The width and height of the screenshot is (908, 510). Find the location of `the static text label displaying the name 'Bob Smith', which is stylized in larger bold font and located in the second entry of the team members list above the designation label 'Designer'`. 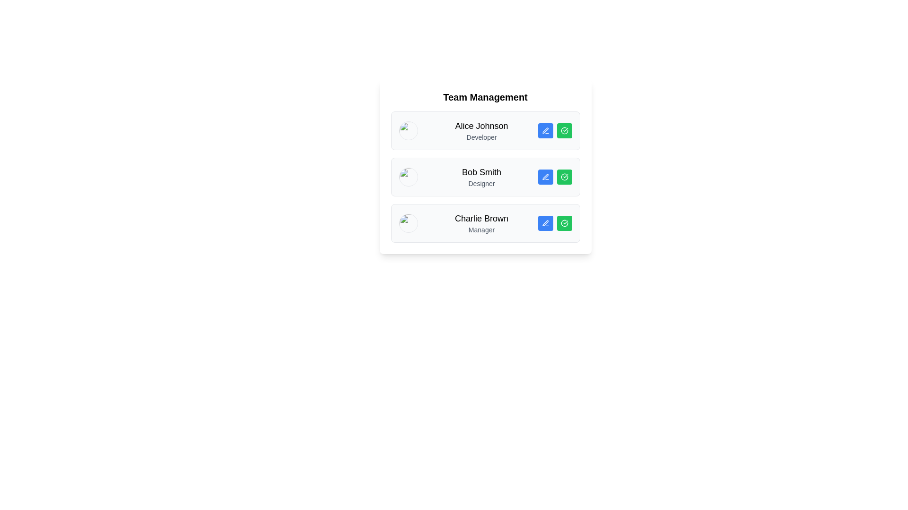

the static text label displaying the name 'Bob Smith', which is stylized in larger bold font and located in the second entry of the team members list above the designation label 'Designer' is located at coordinates (481, 172).